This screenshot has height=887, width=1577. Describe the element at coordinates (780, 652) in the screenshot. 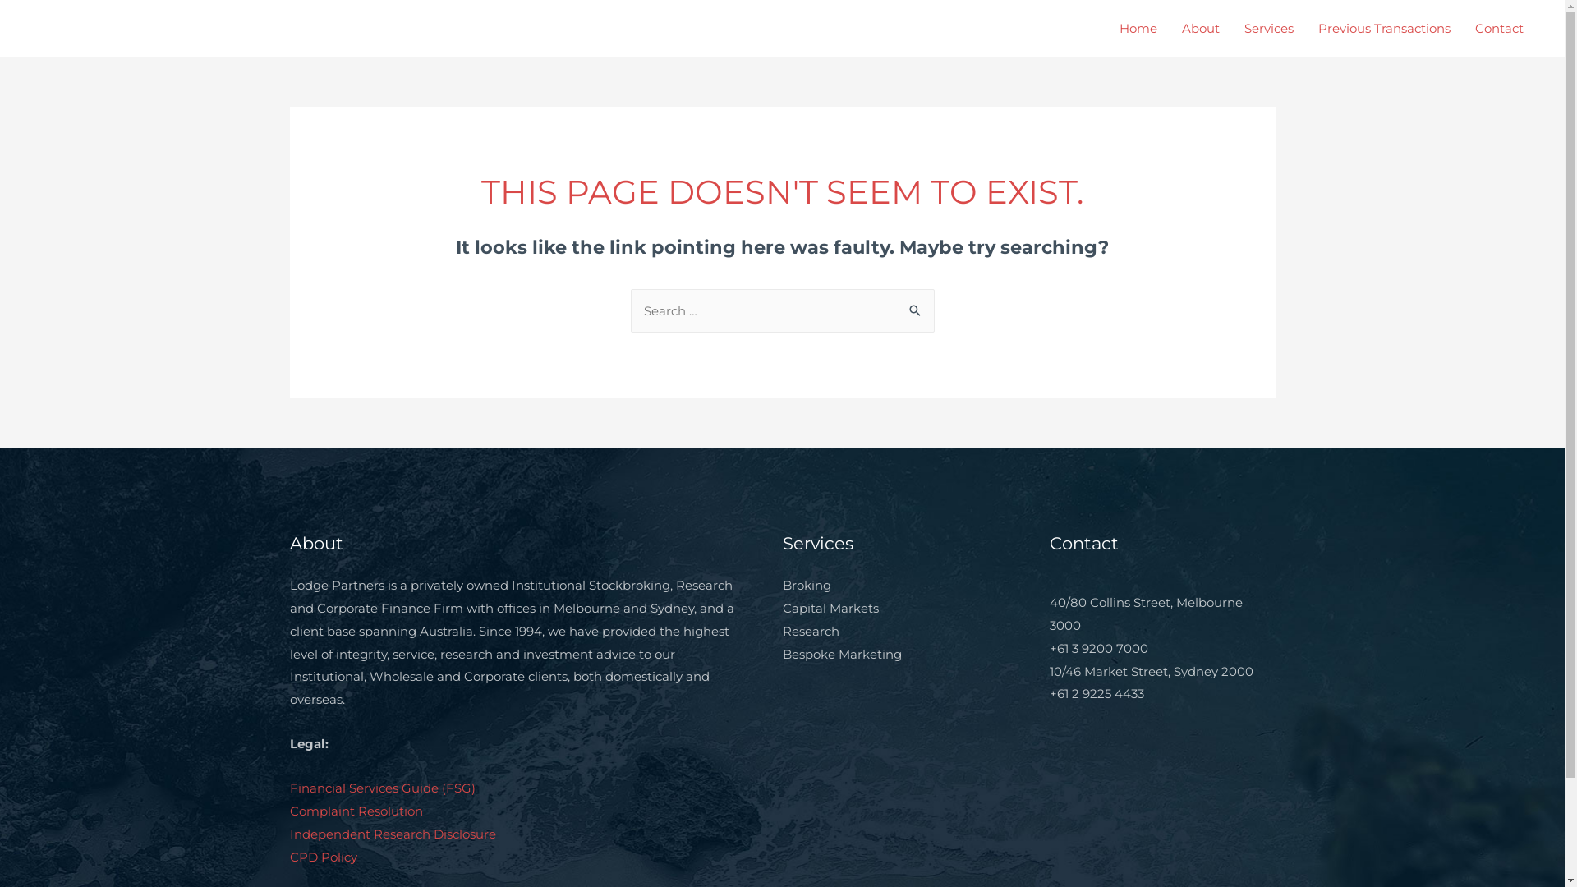

I see `'Bespoke Marketing'` at that location.